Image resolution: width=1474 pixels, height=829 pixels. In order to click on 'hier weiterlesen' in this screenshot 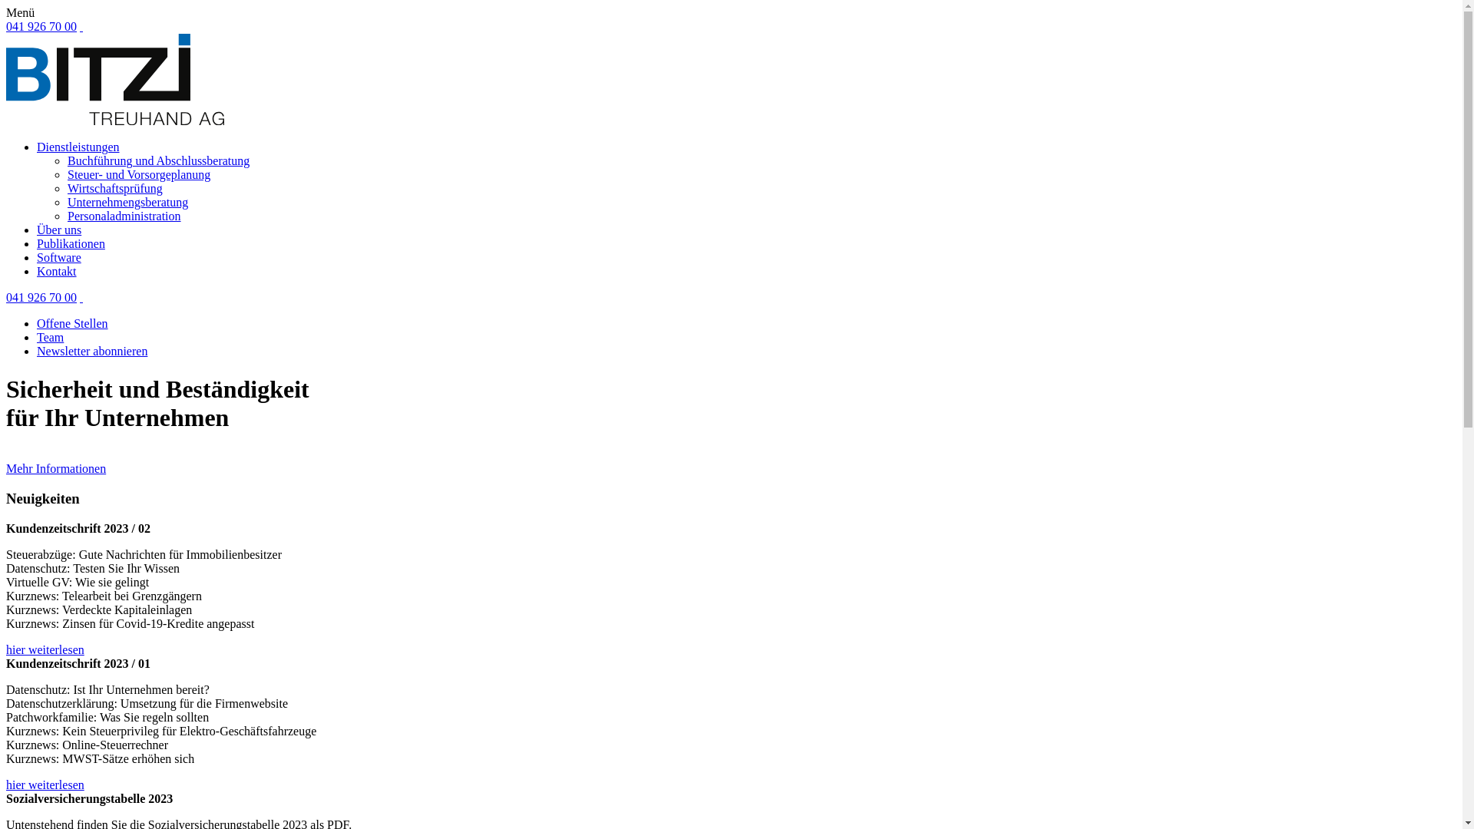, I will do `click(45, 649)`.